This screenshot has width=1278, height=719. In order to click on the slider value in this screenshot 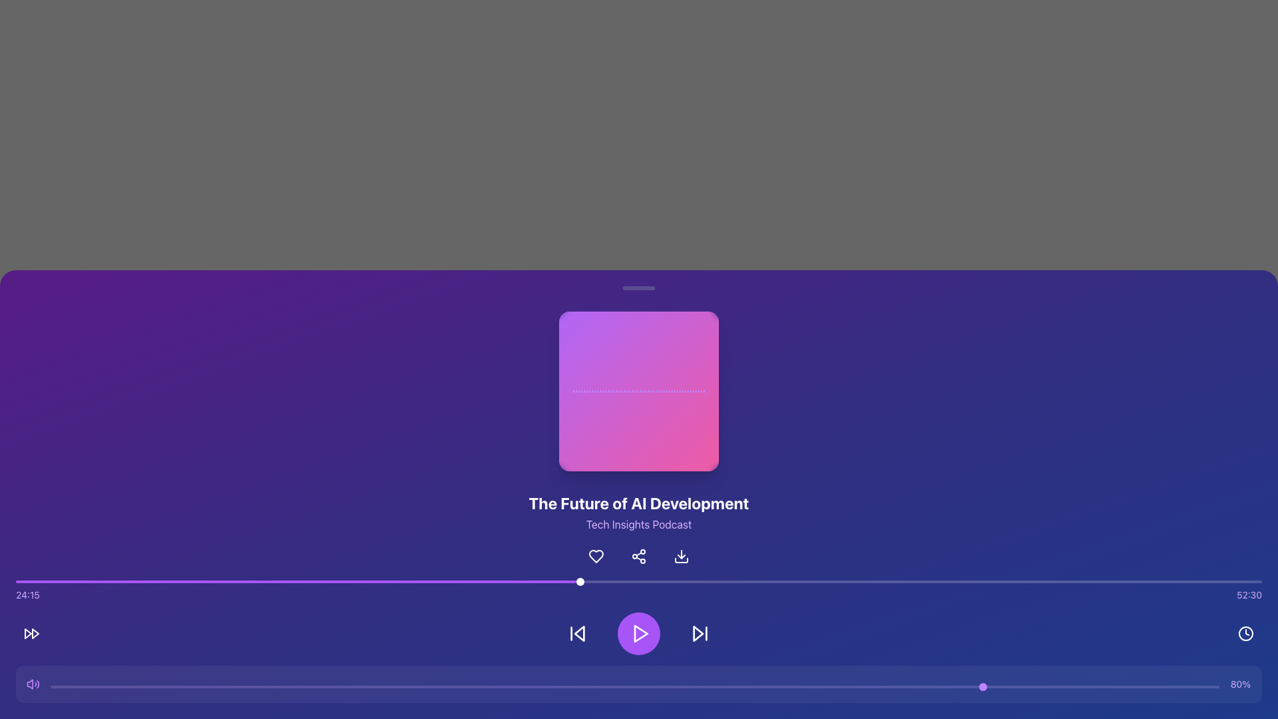, I will do `click(985, 687)`.